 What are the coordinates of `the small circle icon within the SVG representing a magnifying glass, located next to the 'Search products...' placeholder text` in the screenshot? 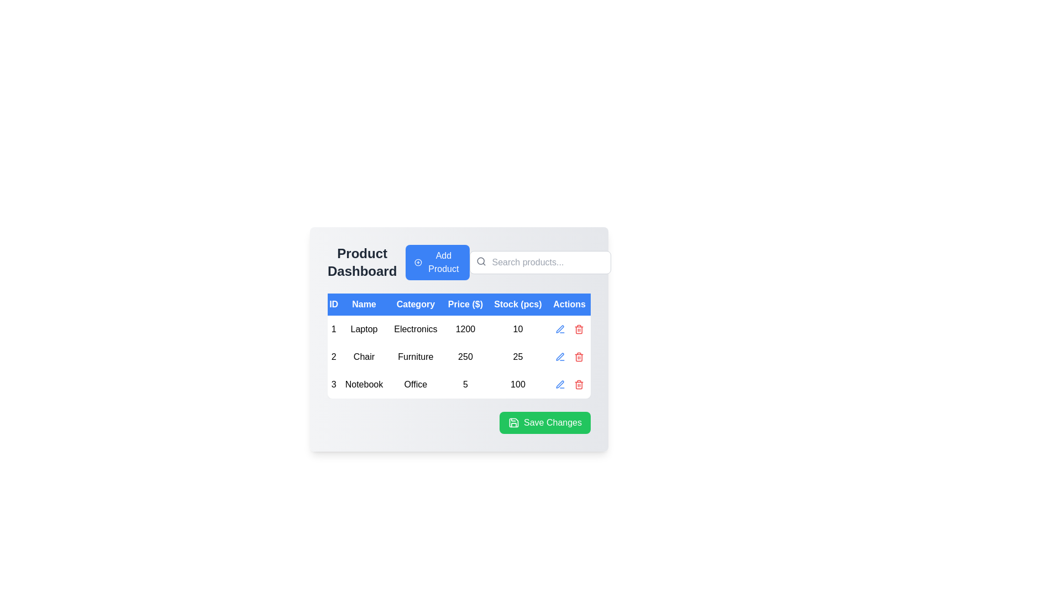 It's located at (480, 261).